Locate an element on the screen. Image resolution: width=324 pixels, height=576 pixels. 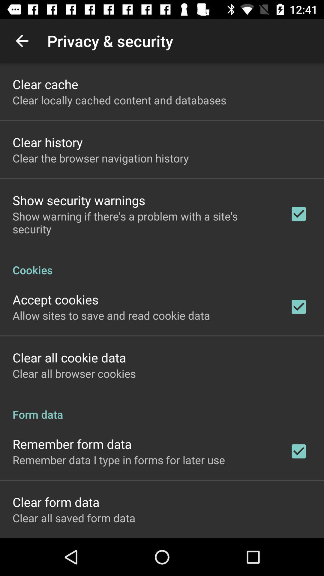
icon above the cookies icon is located at coordinates (143, 222).